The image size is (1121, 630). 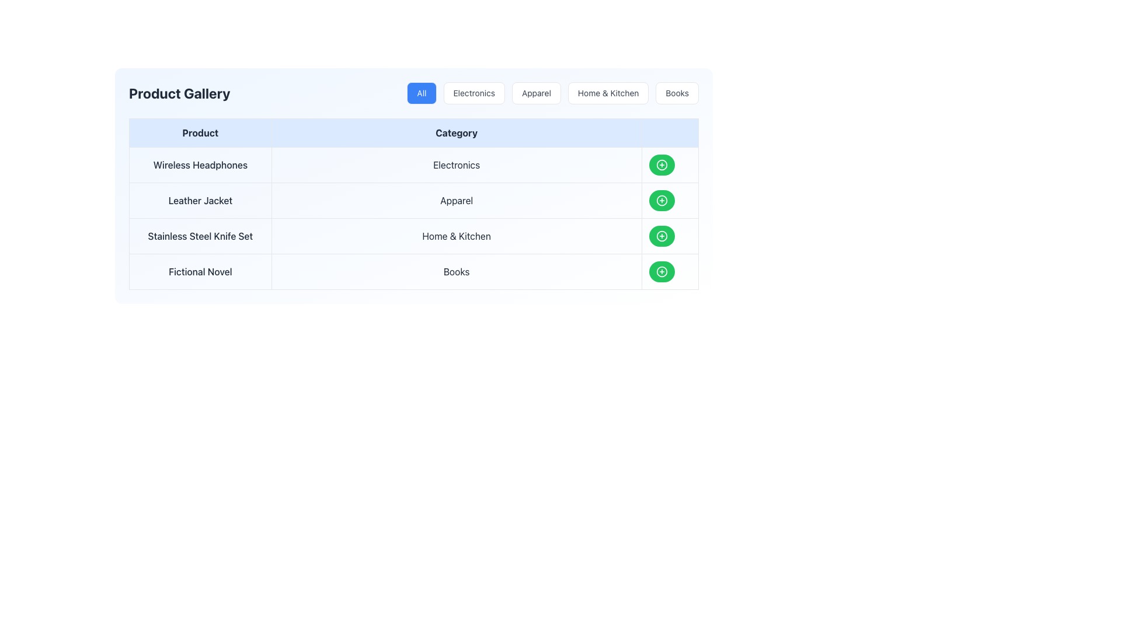 I want to click on the 'Product' text label, which is bolded and centered in a light blue background, located in the upper-left section of the tabular interface, so click(x=200, y=132).